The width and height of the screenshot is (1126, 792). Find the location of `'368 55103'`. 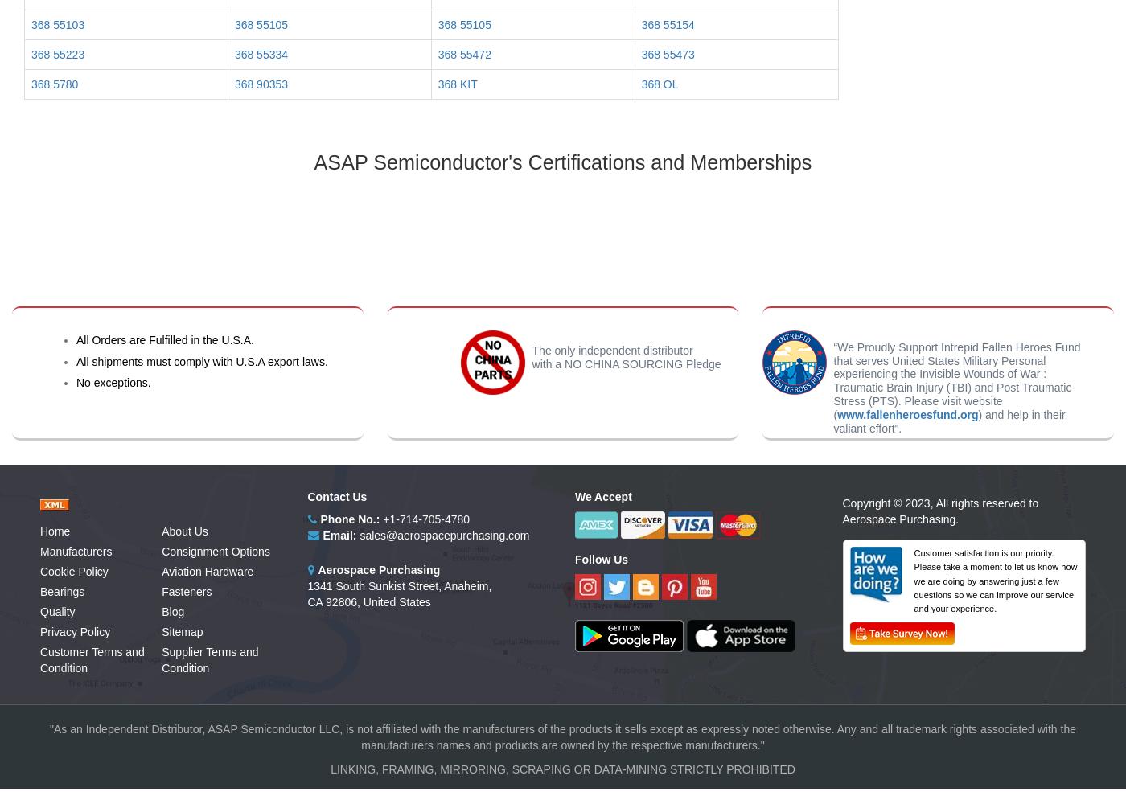

'368 55103' is located at coordinates (57, 24).